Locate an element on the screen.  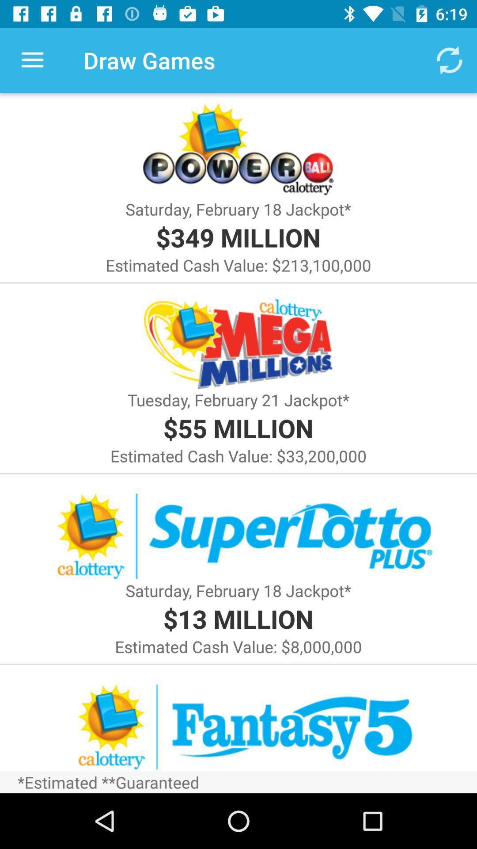
item above estimated cash value item is located at coordinates (238, 237).